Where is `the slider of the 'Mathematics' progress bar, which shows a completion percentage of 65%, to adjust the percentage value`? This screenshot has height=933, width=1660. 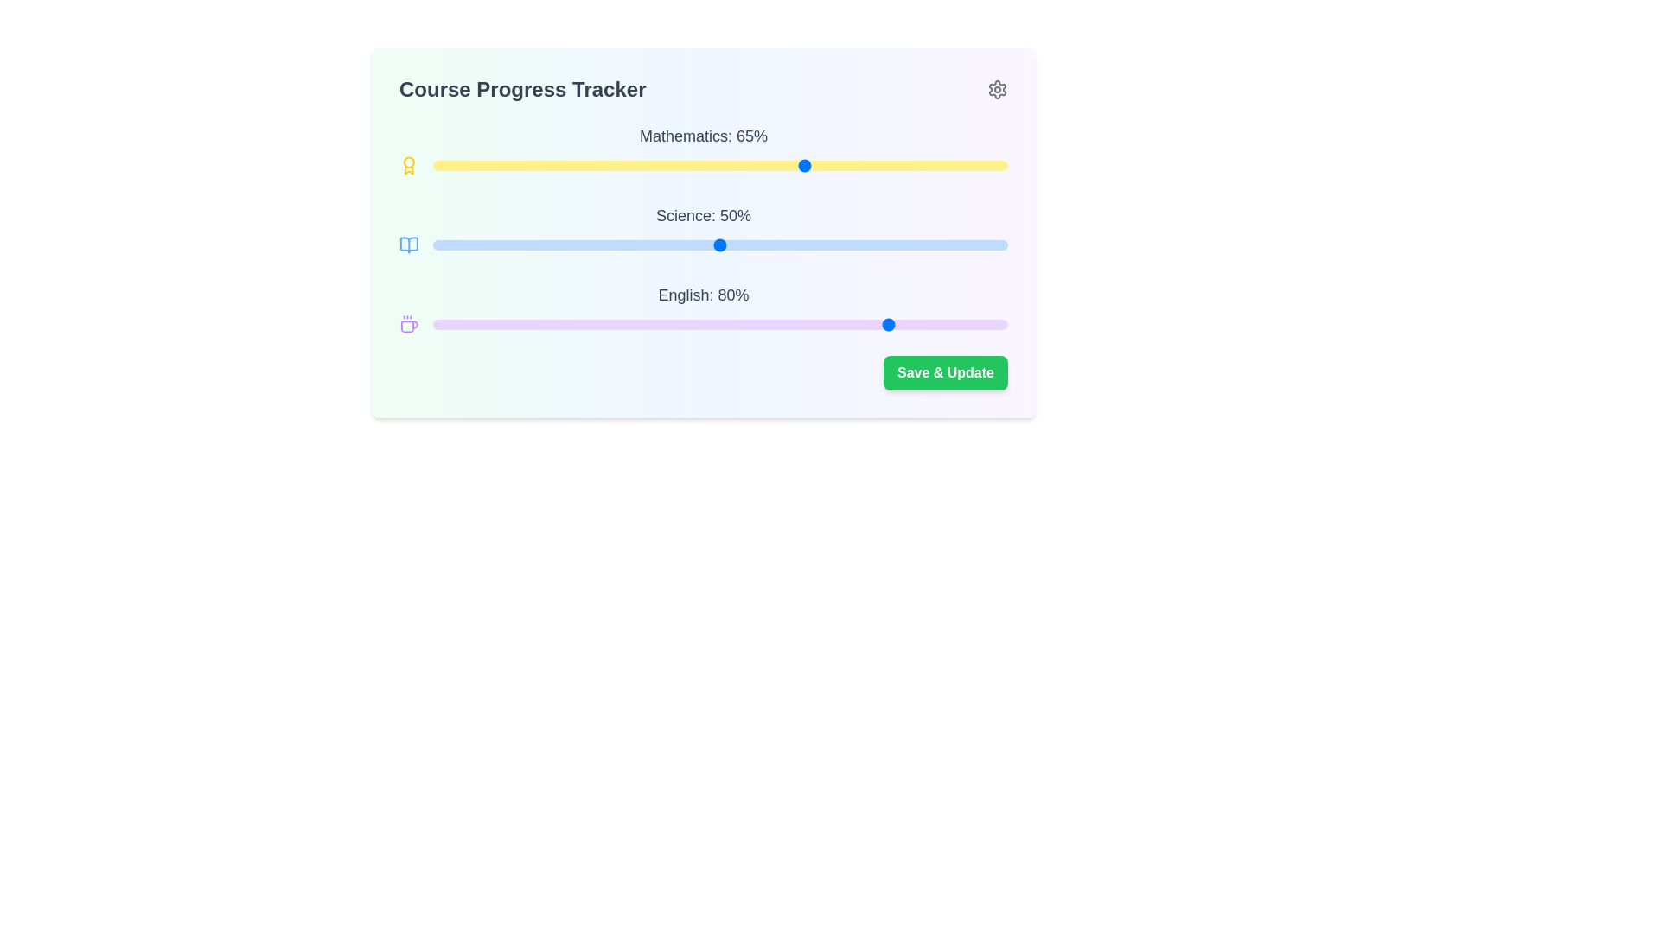
the slider of the 'Mathematics' progress bar, which shows a completion percentage of 65%, to adjust the percentage value is located at coordinates (704, 149).